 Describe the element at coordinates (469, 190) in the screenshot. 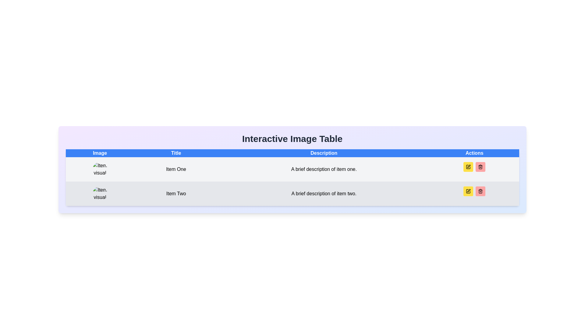

I see `the Edit icon in the Actions column for the second row corresponding to 'Item Two'` at that location.